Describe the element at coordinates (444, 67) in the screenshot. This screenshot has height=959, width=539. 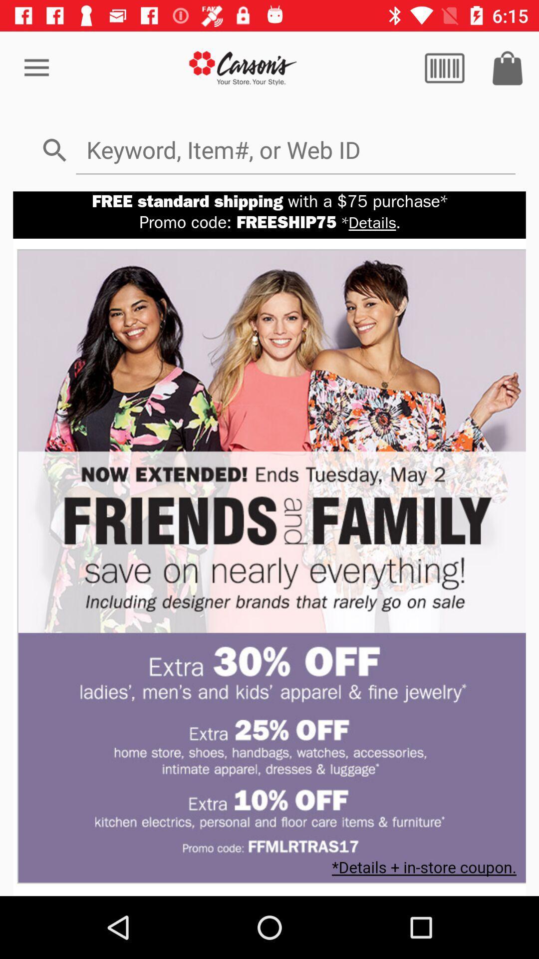
I see `filter` at that location.